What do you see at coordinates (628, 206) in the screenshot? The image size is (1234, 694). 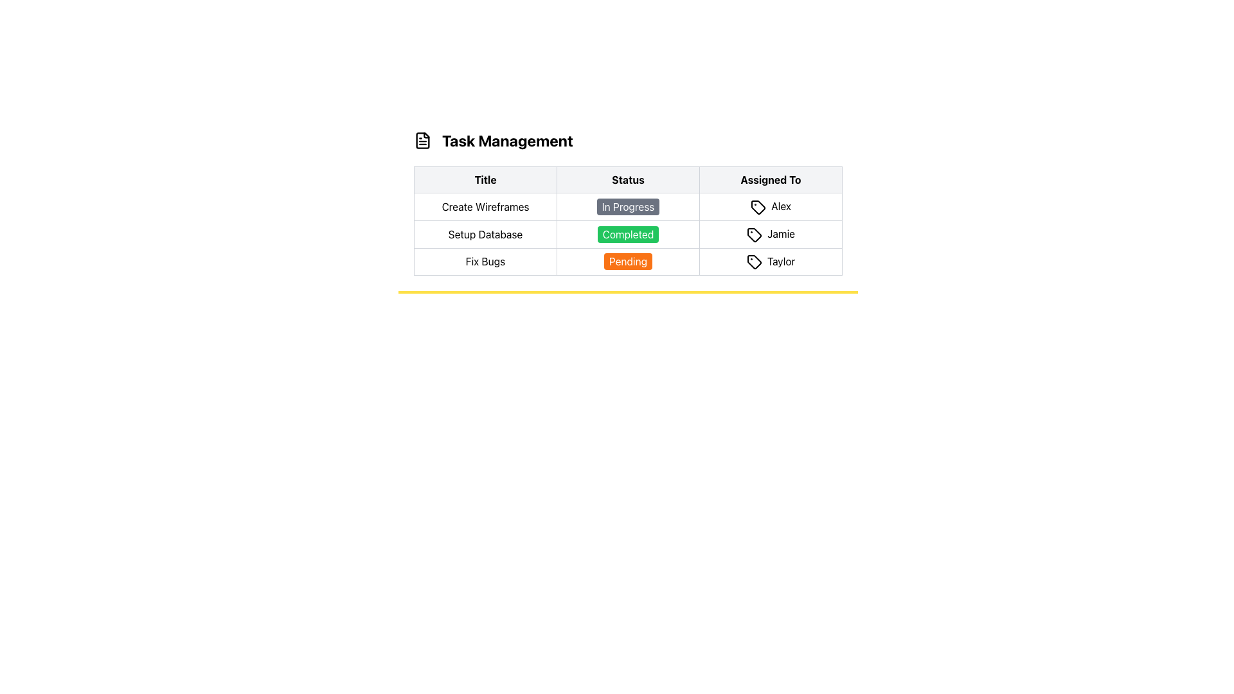 I see `the status label indicating that the task 'Create Wireframes' is currently in progress` at bounding box center [628, 206].